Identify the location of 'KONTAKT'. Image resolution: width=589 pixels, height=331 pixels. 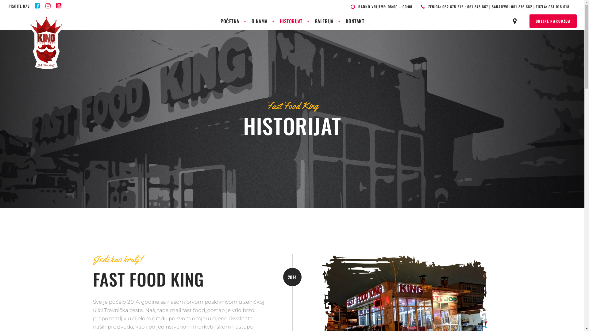
(355, 21).